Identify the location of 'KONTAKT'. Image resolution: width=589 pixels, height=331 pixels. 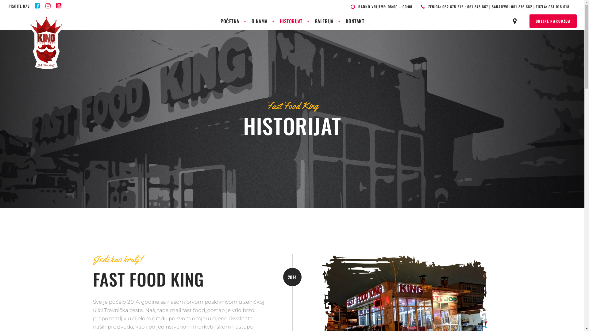
(355, 21).